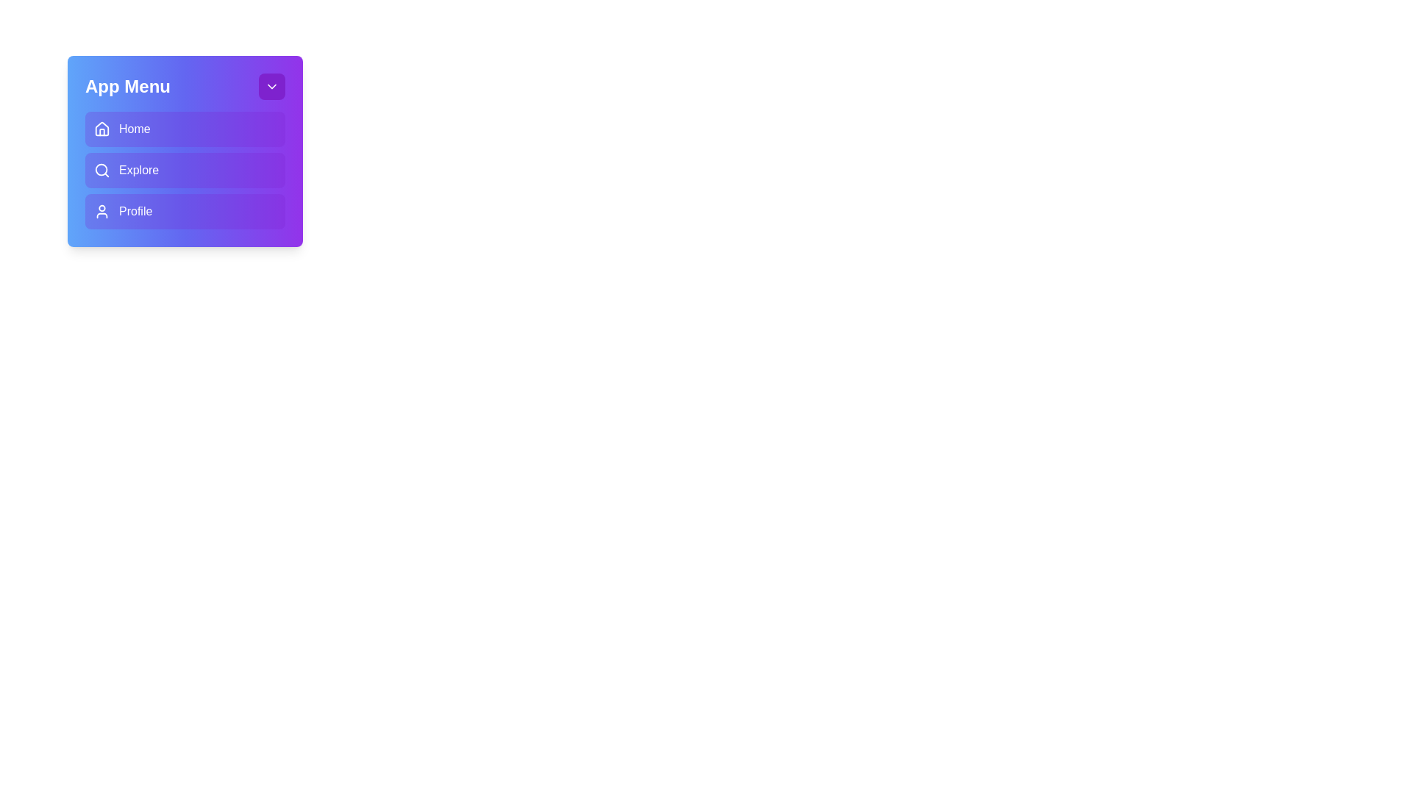 This screenshot has height=794, width=1412. What do you see at coordinates (101, 169) in the screenshot?
I see `the search icon located at the start of the 'Explore' menu item` at bounding box center [101, 169].